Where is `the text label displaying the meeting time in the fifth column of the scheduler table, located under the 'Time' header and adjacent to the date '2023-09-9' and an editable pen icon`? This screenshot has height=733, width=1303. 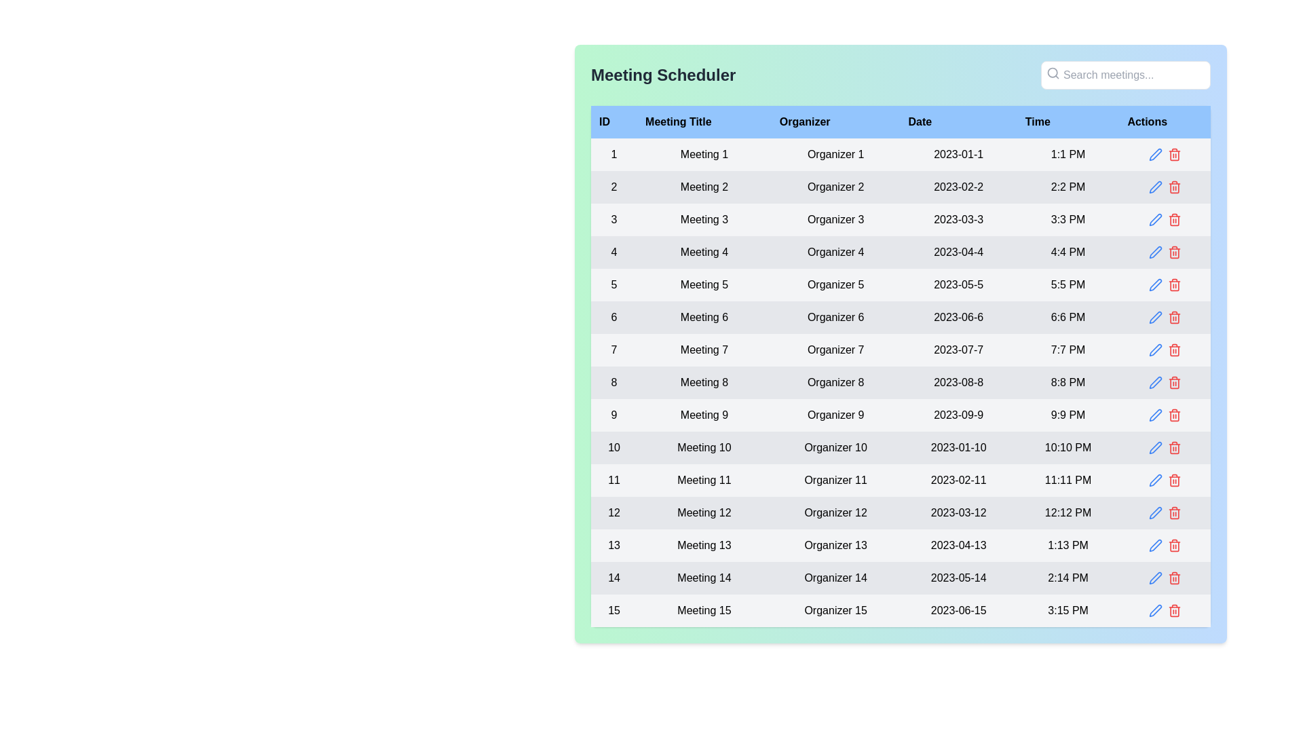
the text label displaying the meeting time in the fifth column of the scheduler table, located under the 'Time' header and adjacent to the date '2023-09-9' and an editable pen icon is located at coordinates (1068, 415).